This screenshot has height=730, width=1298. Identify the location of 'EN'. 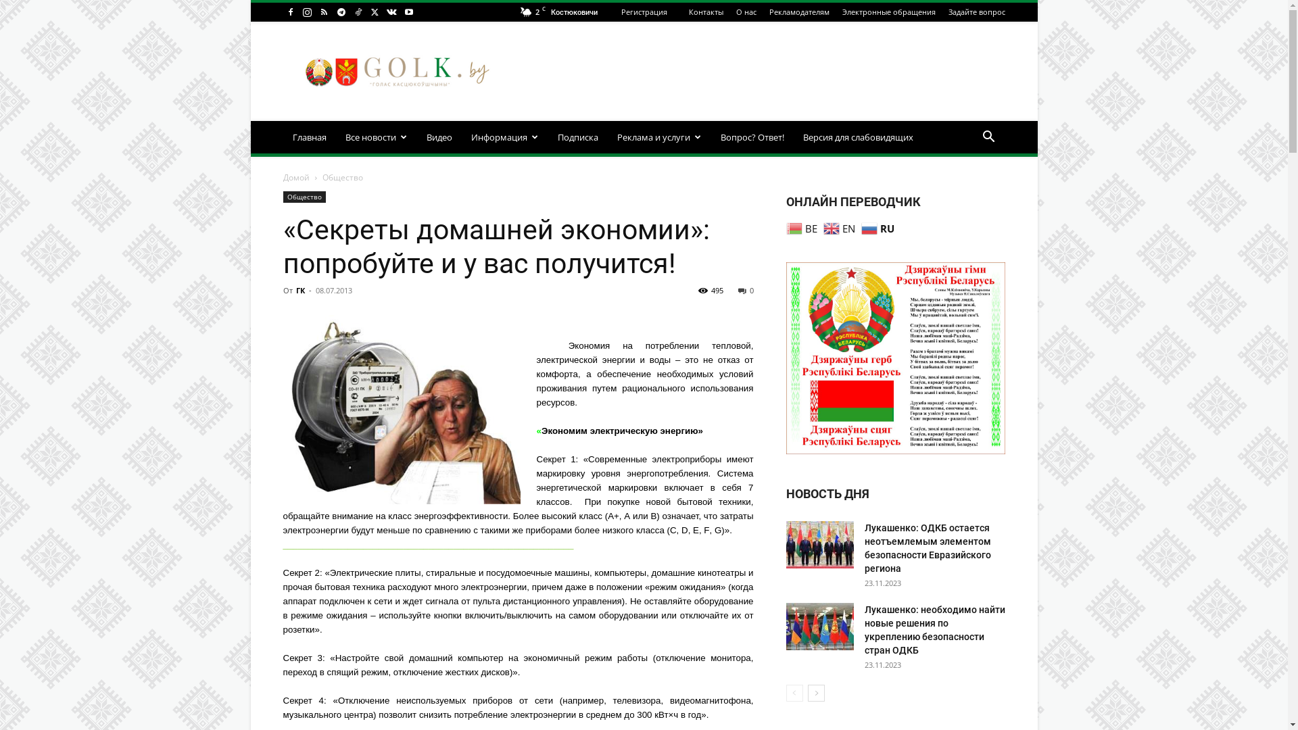
(840, 226).